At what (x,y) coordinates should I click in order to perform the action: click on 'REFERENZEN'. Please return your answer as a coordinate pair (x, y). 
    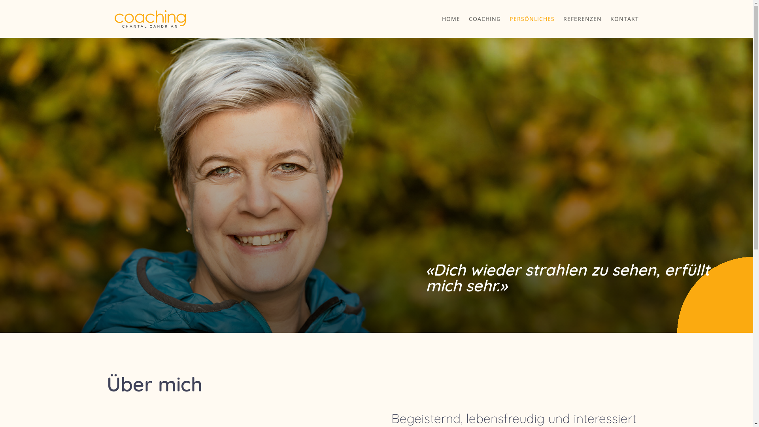
    Looking at the image, I should click on (582, 18).